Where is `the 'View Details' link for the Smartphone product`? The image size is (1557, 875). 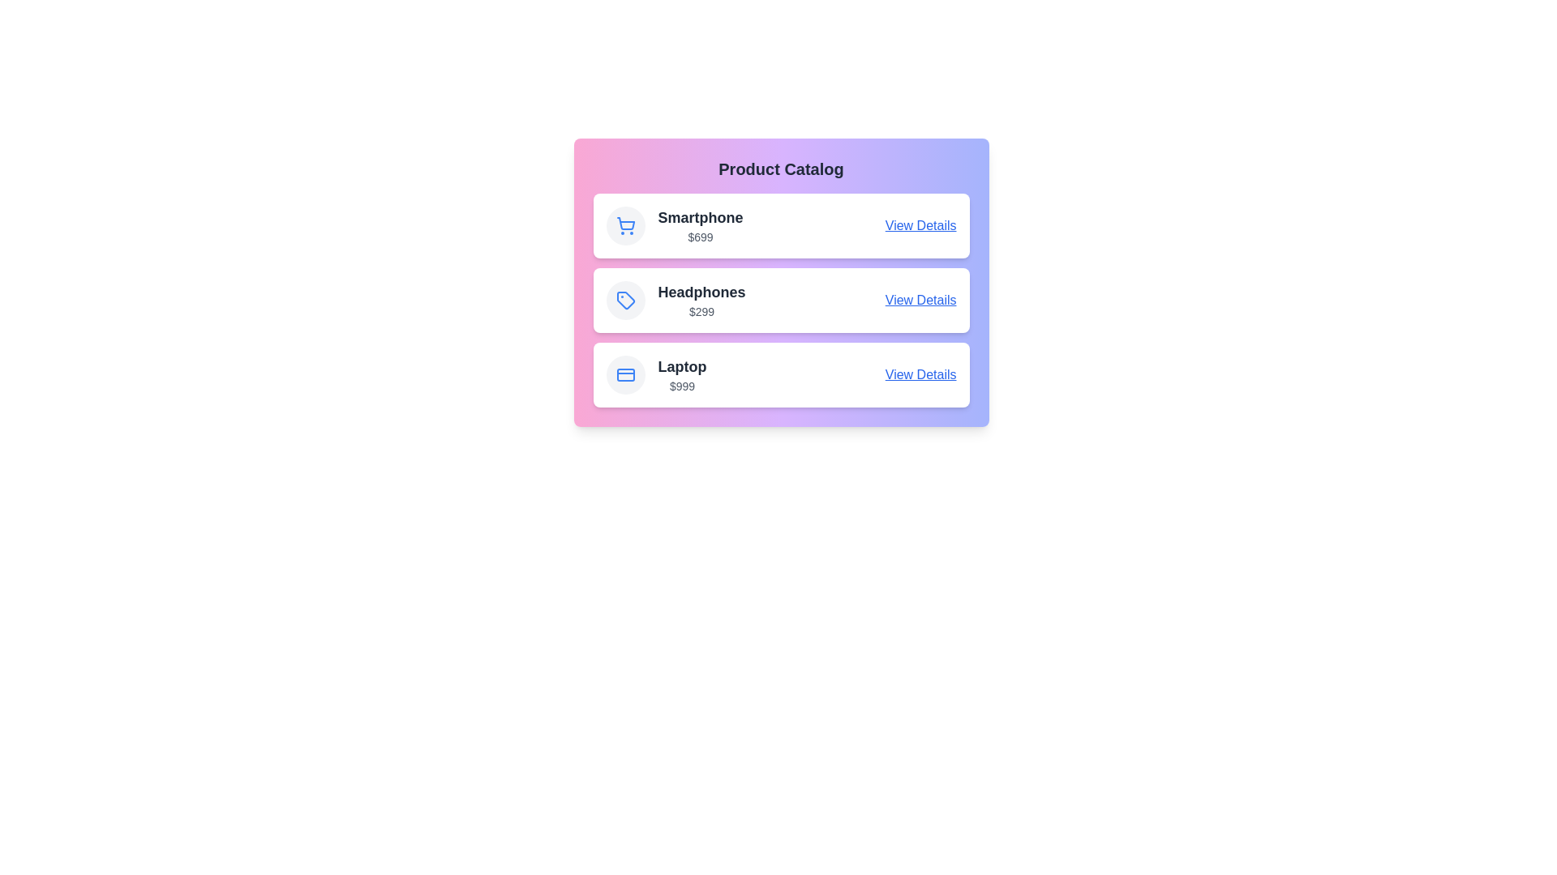 the 'View Details' link for the Smartphone product is located at coordinates (920, 225).